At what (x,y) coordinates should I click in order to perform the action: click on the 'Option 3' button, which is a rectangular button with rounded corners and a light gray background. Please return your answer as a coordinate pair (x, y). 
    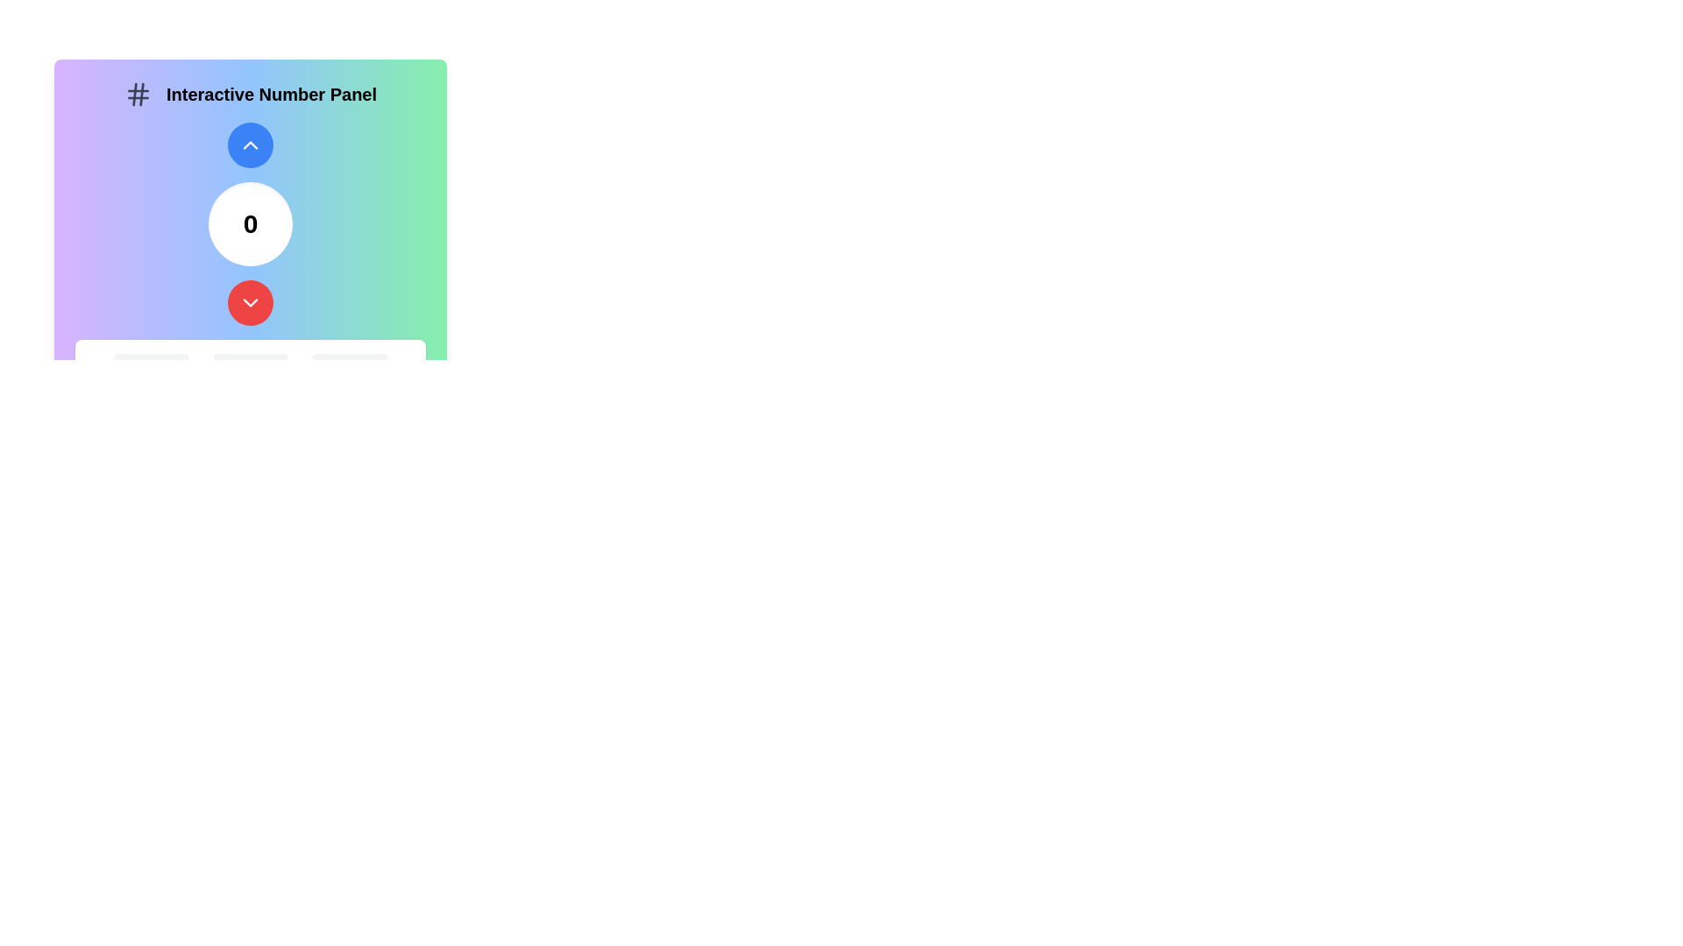
    Looking at the image, I should click on (350, 368).